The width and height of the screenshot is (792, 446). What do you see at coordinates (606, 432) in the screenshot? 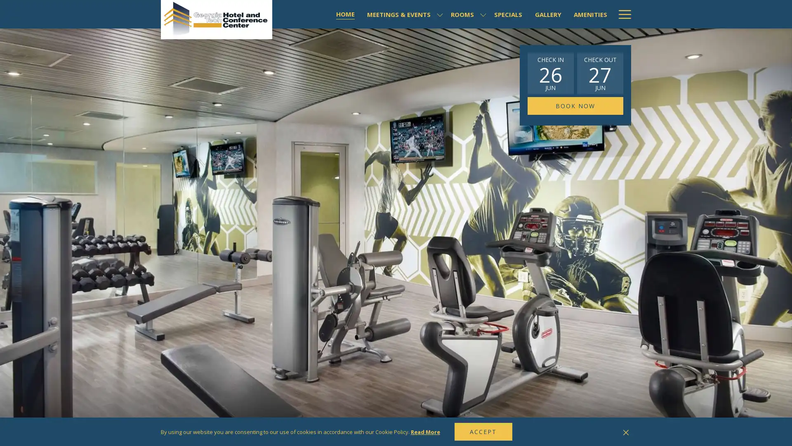
I see `Go to previous slideshow element` at bounding box center [606, 432].